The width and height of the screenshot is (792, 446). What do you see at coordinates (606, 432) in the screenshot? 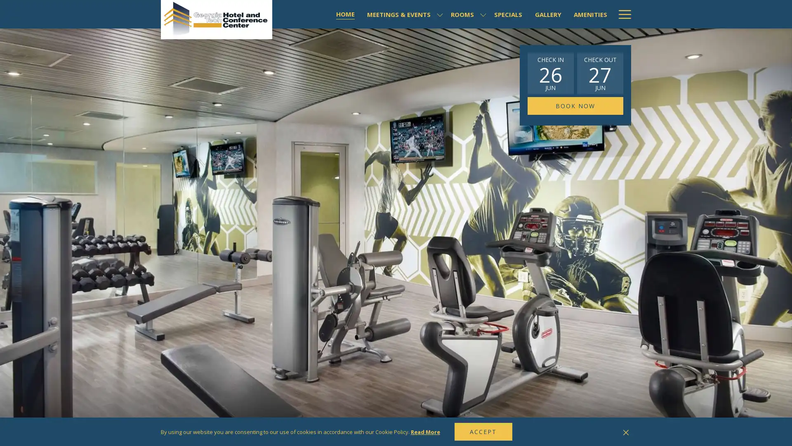
I see `Go to previous slideshow element` at bounding box center [606, 432].